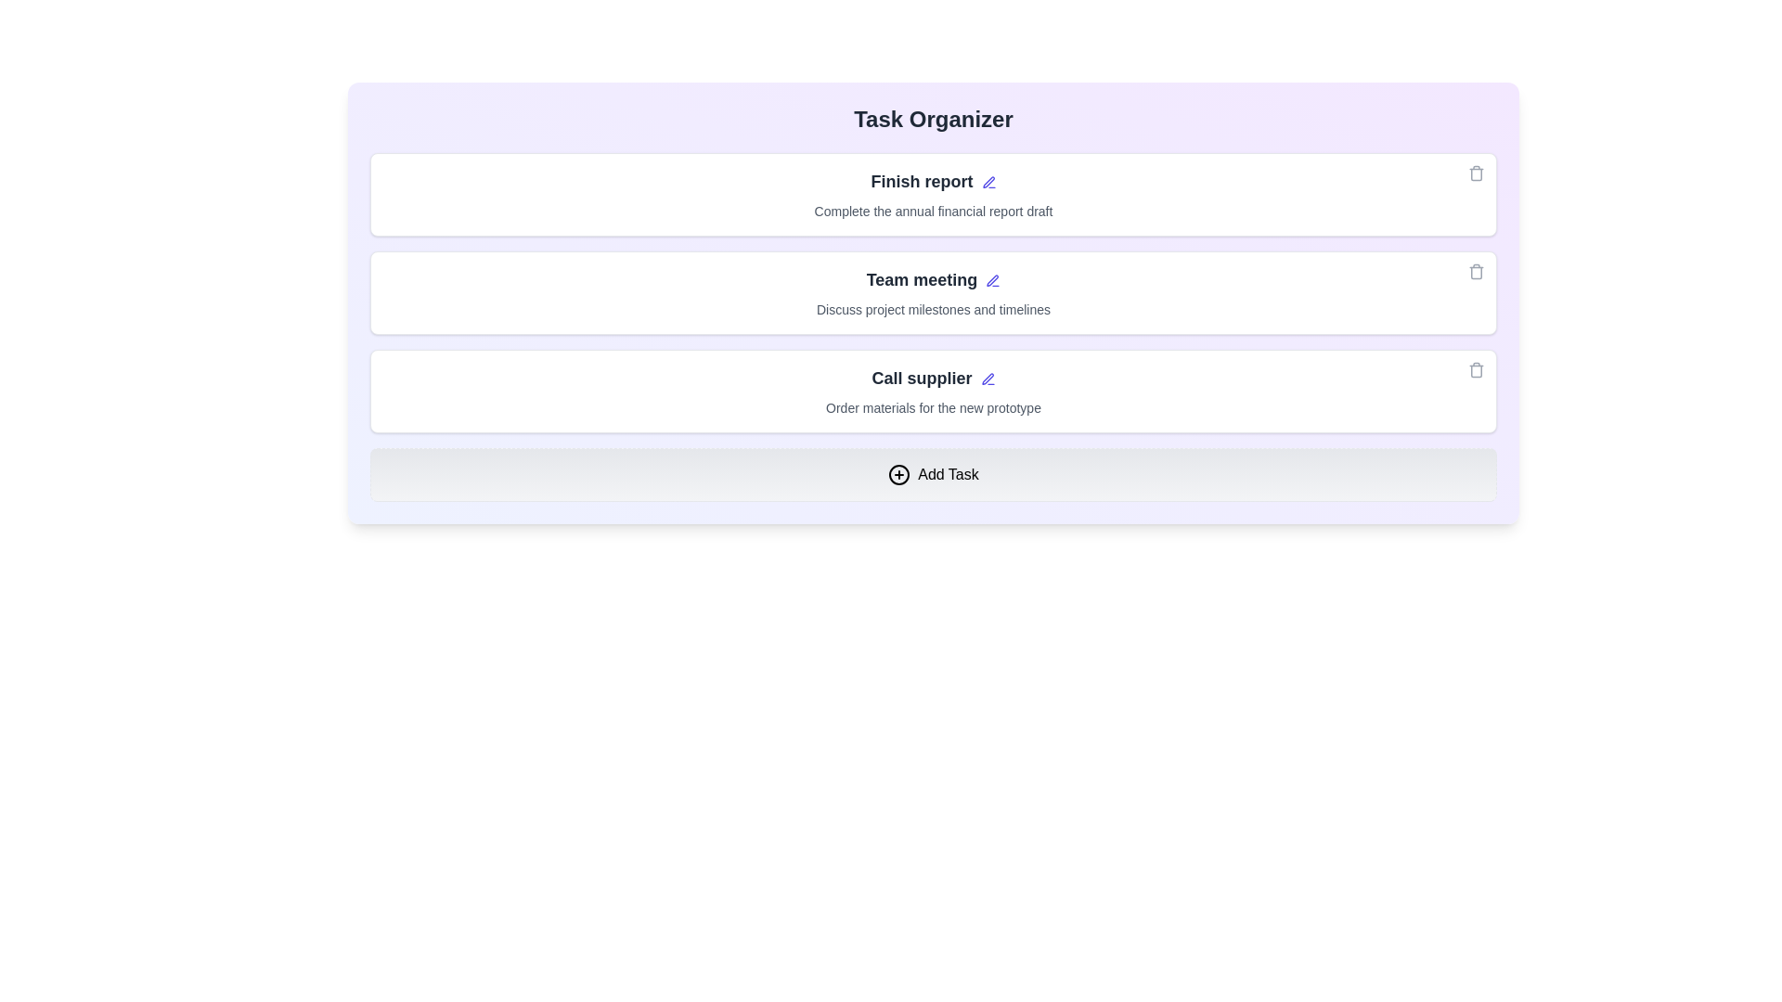  I want to click on the 'Task Organizer' header to read its contextual information, so click(934, 119).